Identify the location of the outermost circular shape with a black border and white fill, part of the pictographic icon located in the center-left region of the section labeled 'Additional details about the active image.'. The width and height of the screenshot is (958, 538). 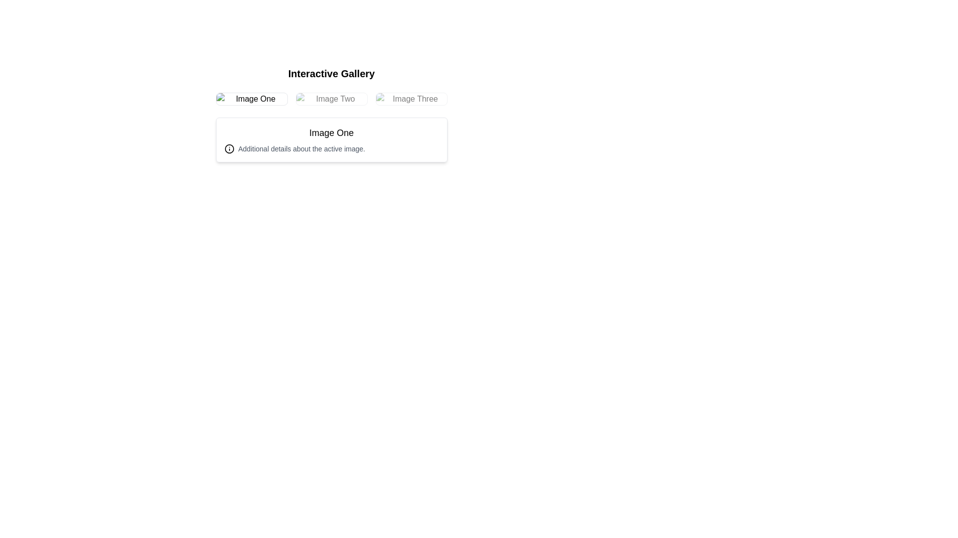
(229, 149).